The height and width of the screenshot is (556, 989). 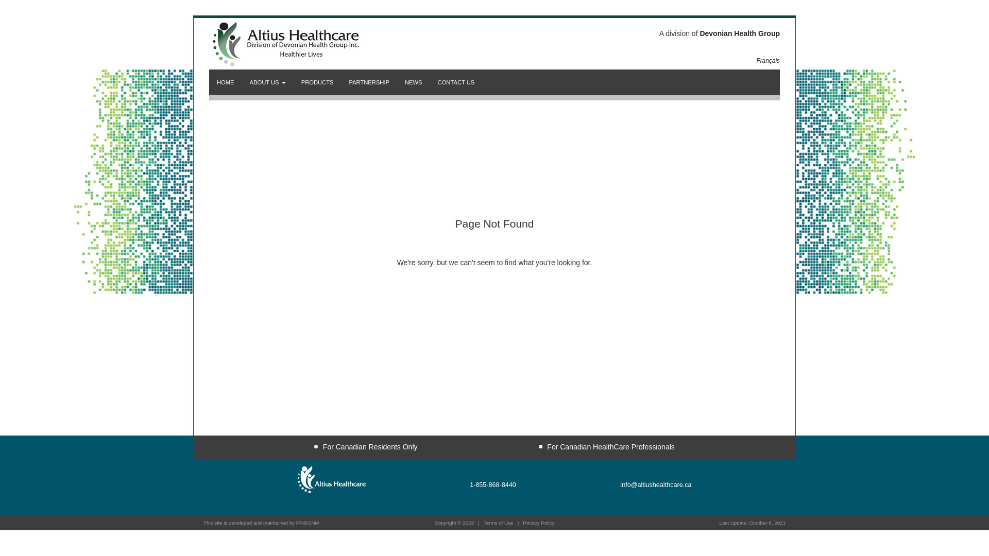 What do you see at coordinates (225, 81) in the screenshot?
I see `'HOME'` at bounding box center [225, 81].